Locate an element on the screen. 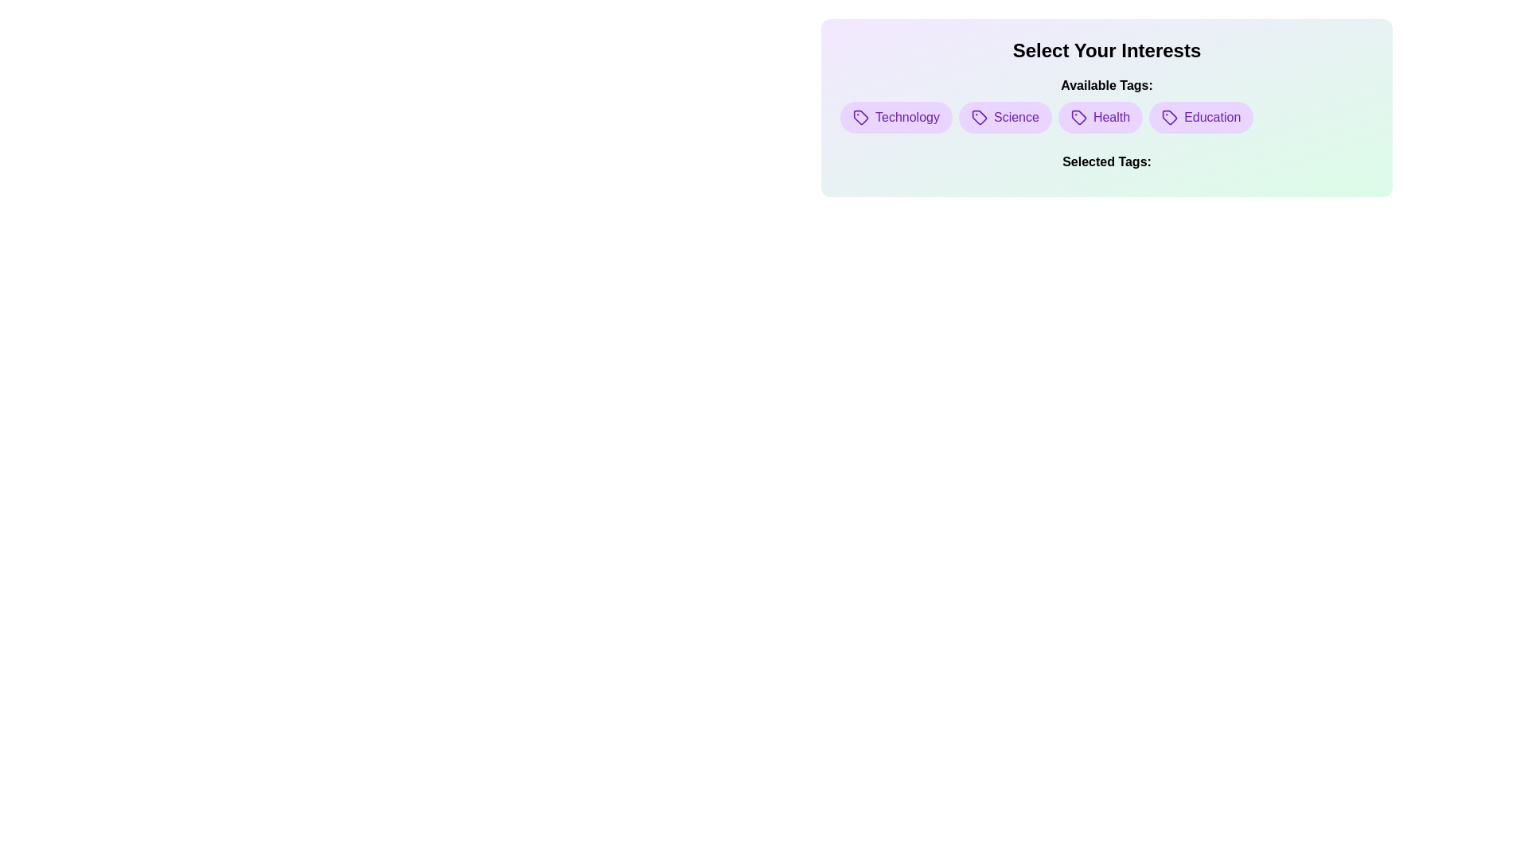 This screenshot has width=1528, height=859. the 'Science' icon located in the 'Available Tags' section, which is centrally positioned among the other icons for 'Technology', 'Health', and 'Education' is located at coordinates (978, 116).